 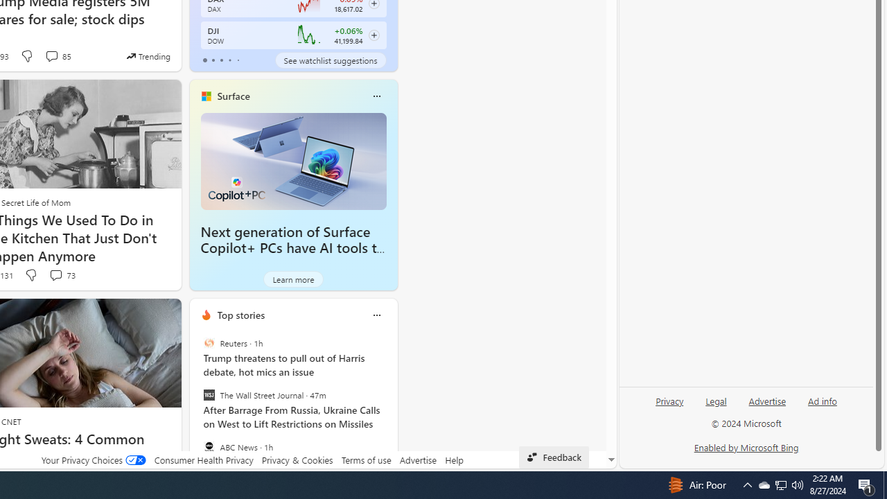 I want to click on 'tab-2', so click(x=222, y=60).